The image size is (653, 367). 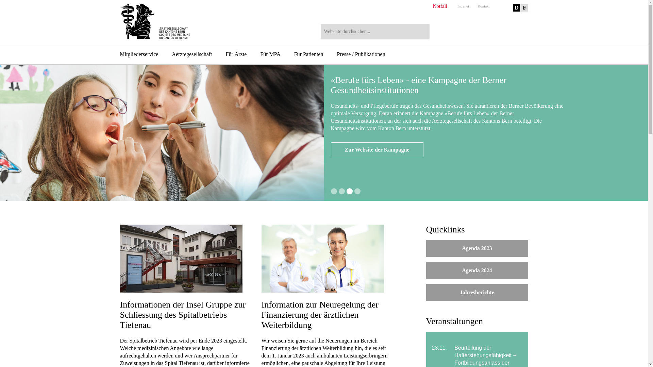 I want to click on 'Aerztegesellschaft', so click(x=171, y=54).